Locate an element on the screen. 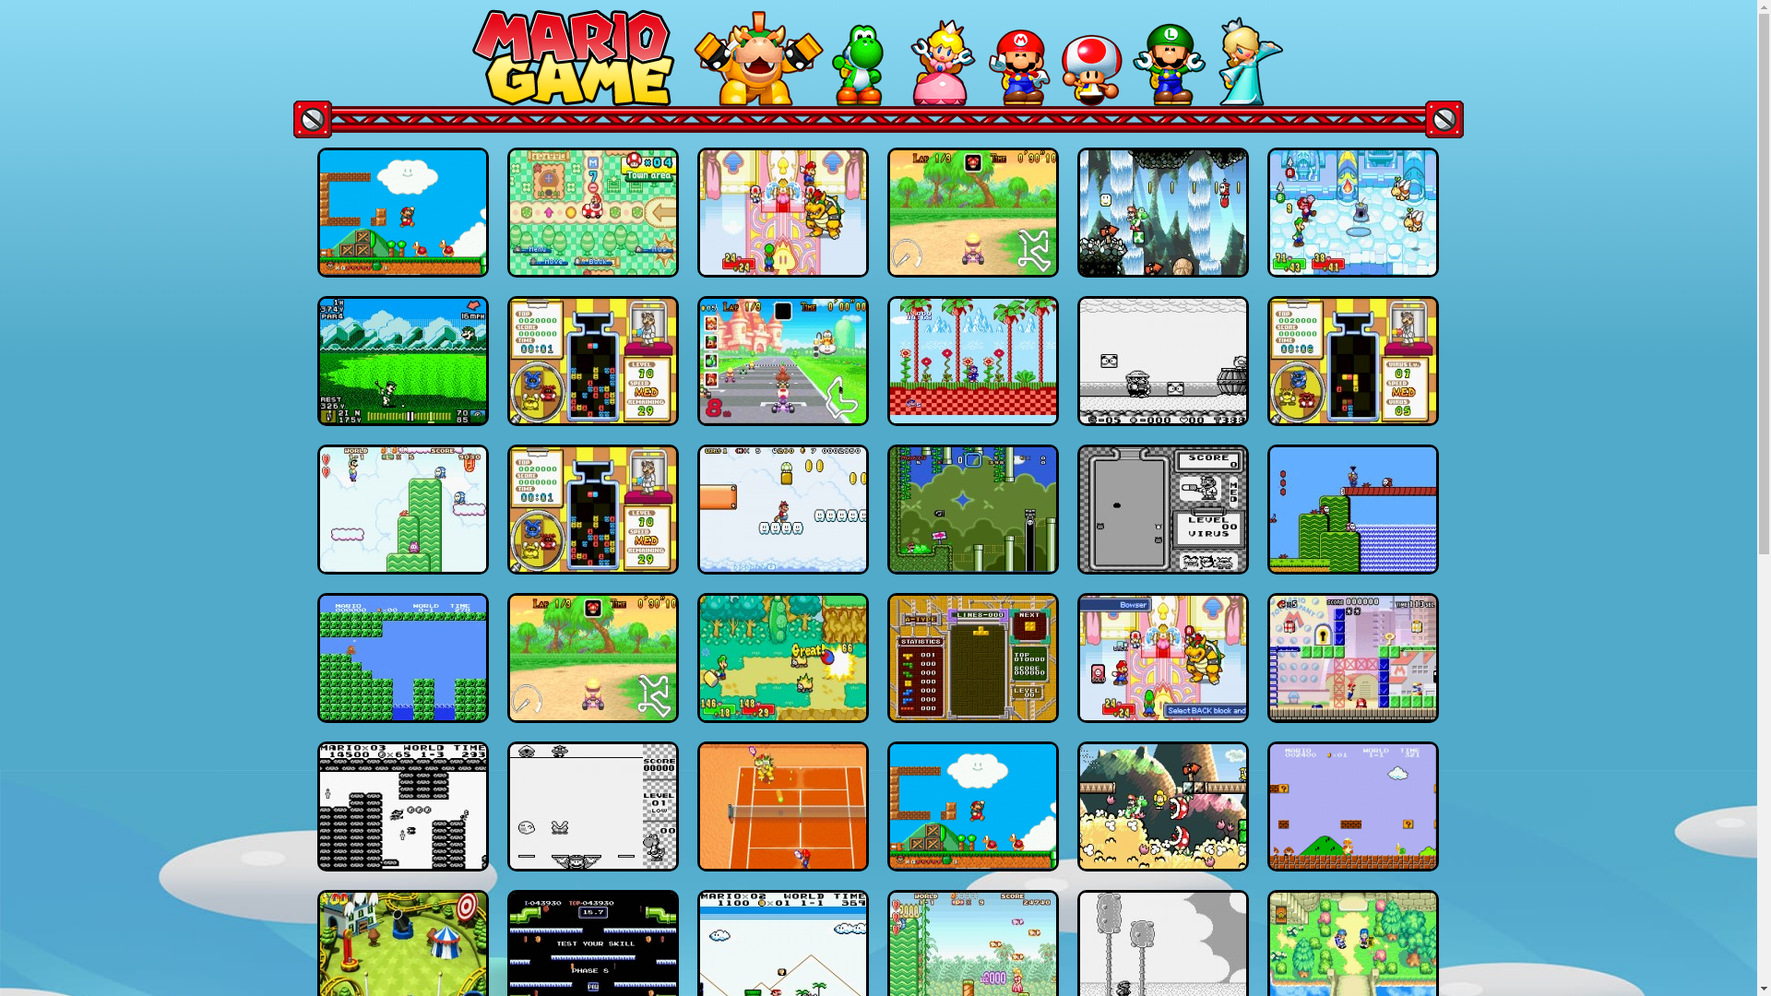  'Dr.Mario & Puzzle League' is located at coordinates (509, 359).